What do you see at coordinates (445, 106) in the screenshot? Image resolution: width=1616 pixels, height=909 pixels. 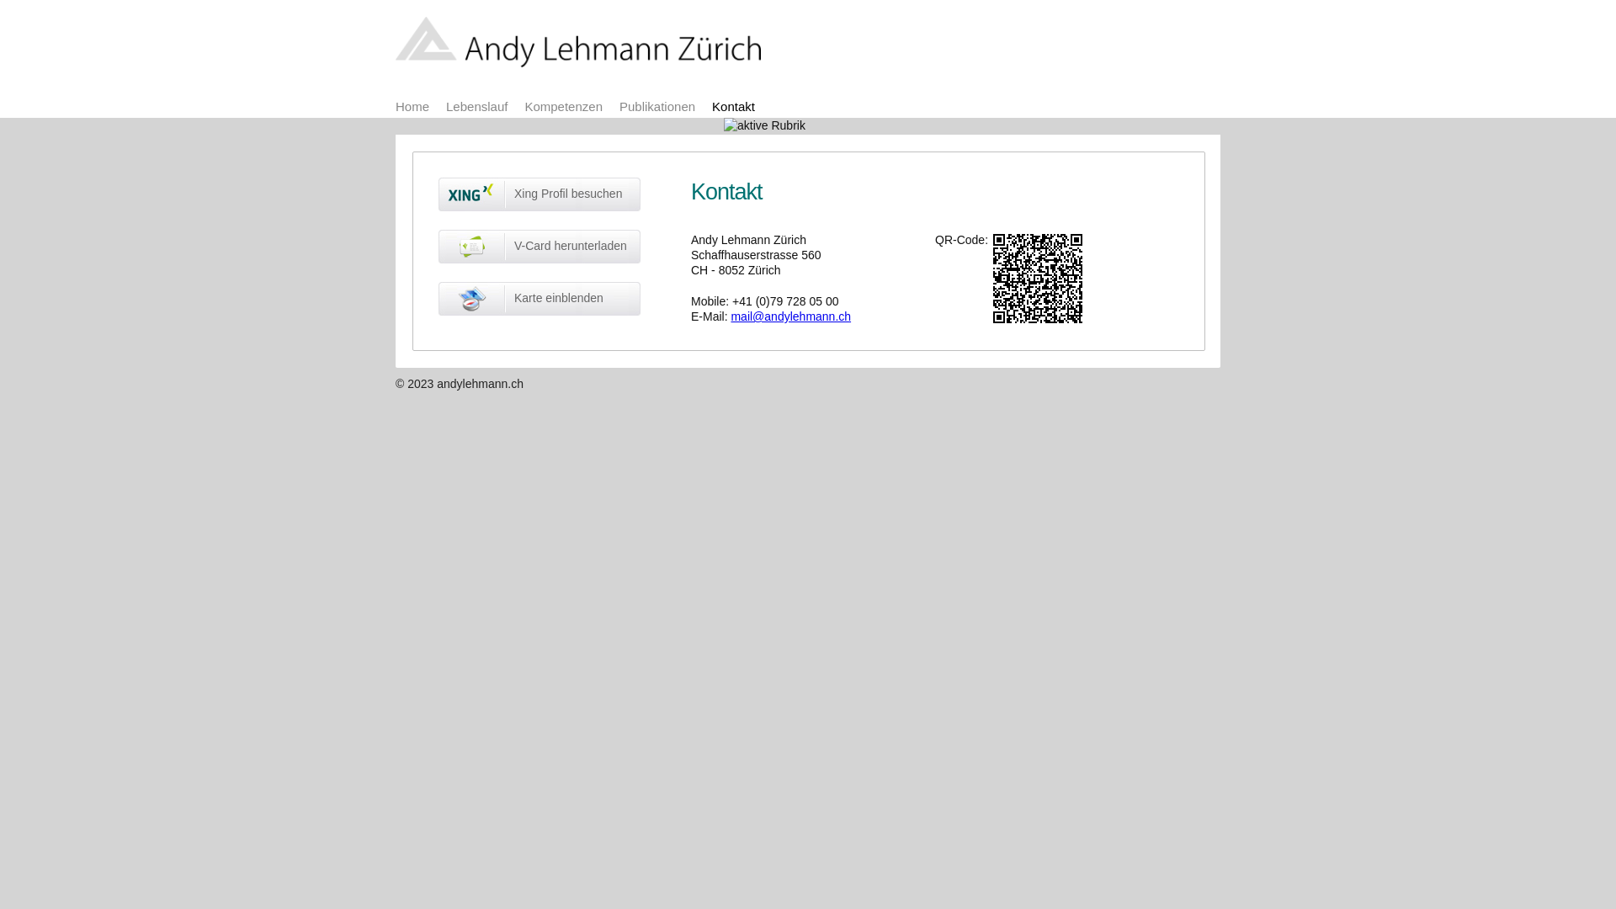 I see `'Lebenslauf'` at bounding box center [445, 106].